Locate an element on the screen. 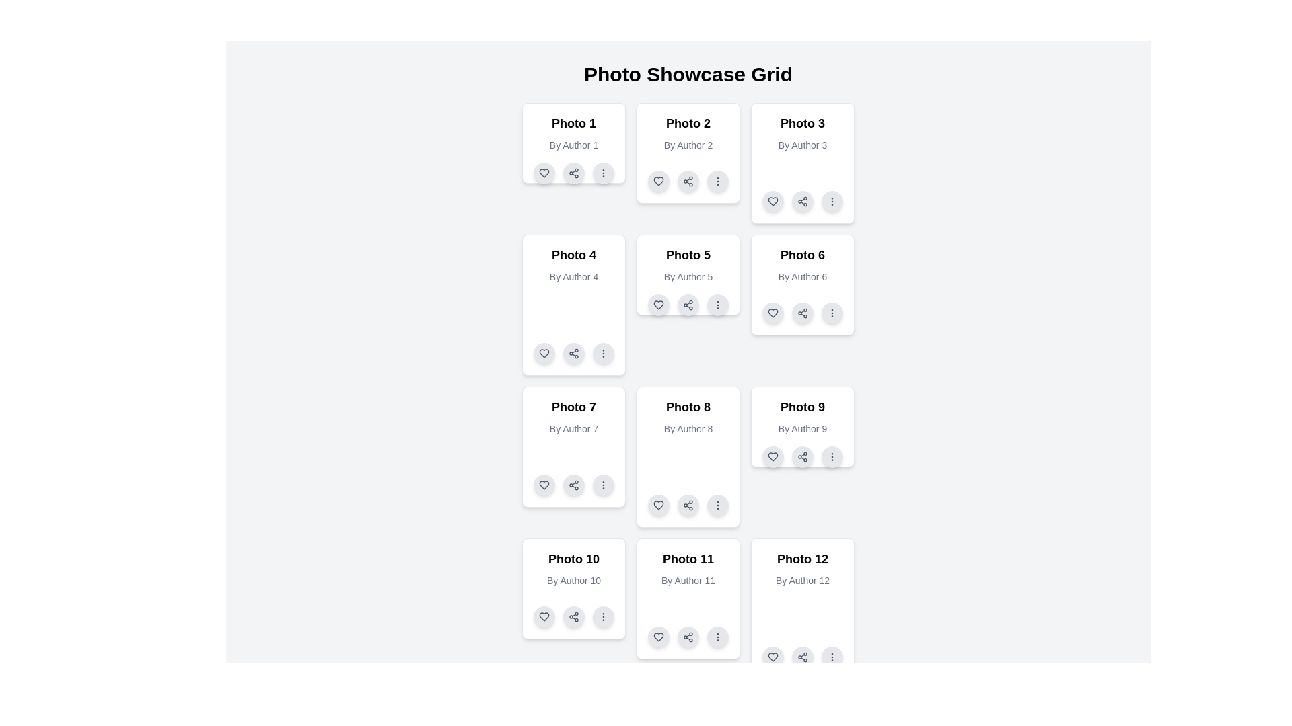 Image resolution: width=1292 pixels, height=726 pixels. the circular button with a heart outline icon in the bottom-left corner of the card titled 'Photo 7 By Author 7' is located at coordinates (544, 485).